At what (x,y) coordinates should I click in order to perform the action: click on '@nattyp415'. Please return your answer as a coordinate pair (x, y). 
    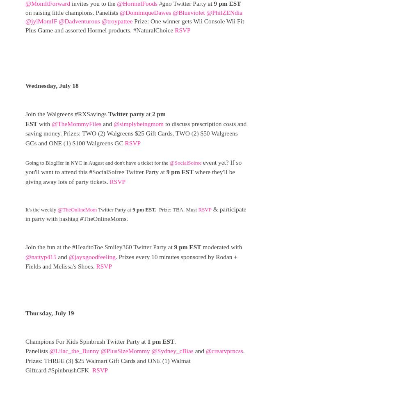
    Looking at the image, I should click on (41, 256).